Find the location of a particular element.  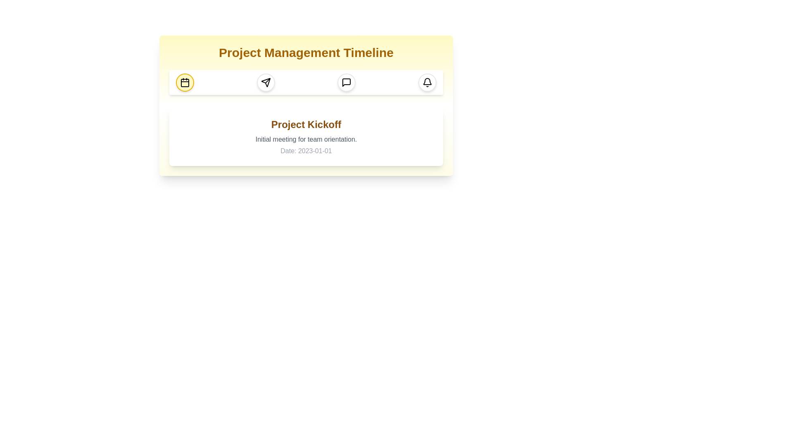

the speech bubble icon is located at coordinates (347, 83).